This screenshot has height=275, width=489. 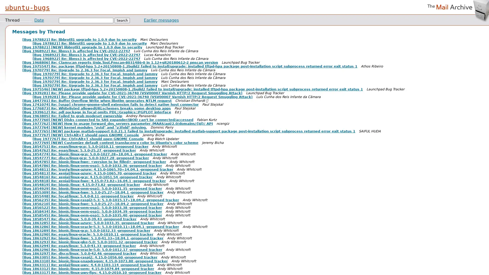 What do you see at coordinates (122, 20) in the screenshot?
I see `Search` at bounding box center [122, 20].